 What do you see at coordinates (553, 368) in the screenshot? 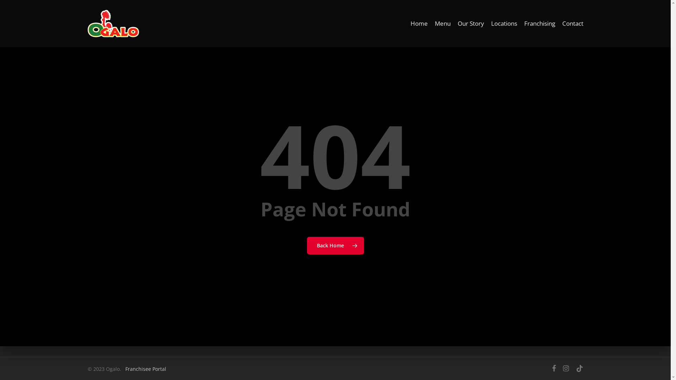
I see `'facebook'` at bounding box center [553, 368].